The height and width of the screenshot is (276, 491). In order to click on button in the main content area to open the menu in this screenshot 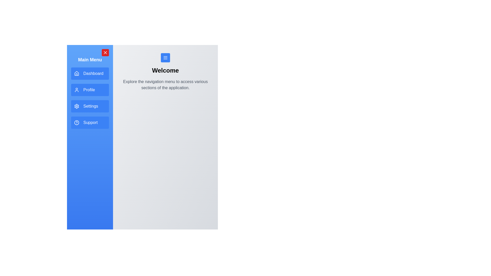, I will do `click(165, 57)`.